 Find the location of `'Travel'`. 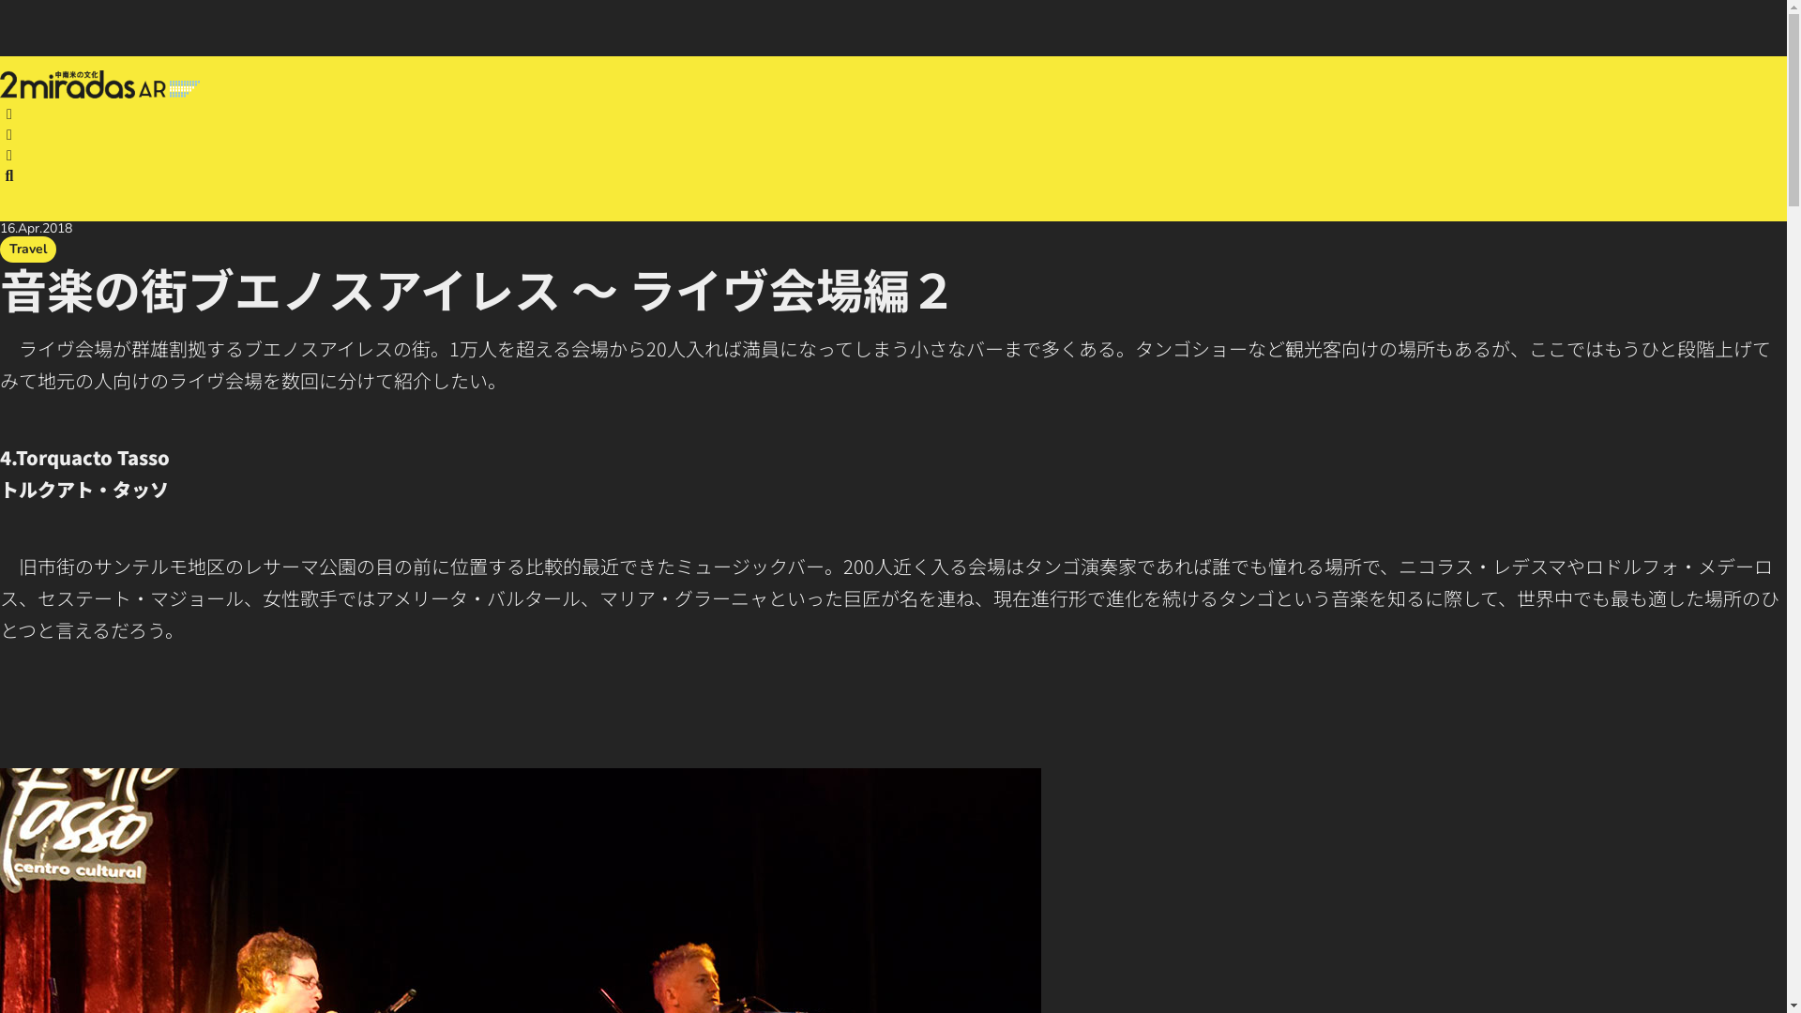

'Travel' is located at coordinates (27, 249).